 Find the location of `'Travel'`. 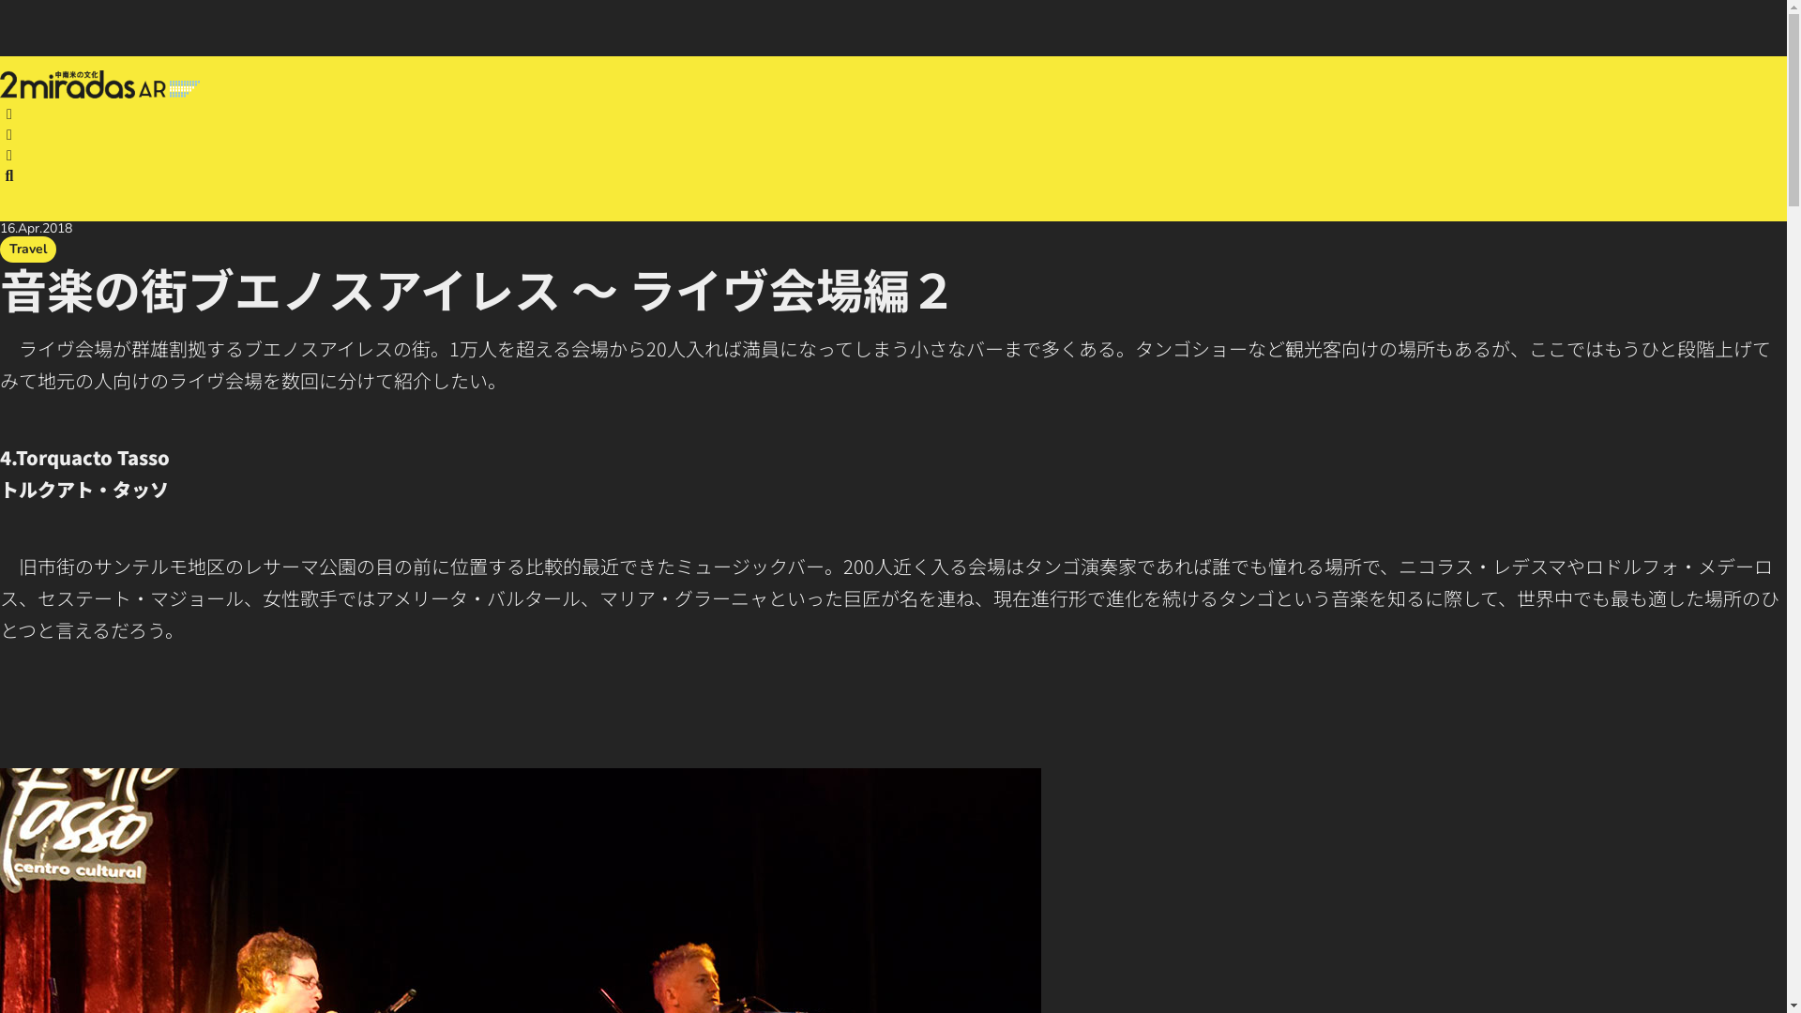

'Travel' is located at coordinates (27, 249).